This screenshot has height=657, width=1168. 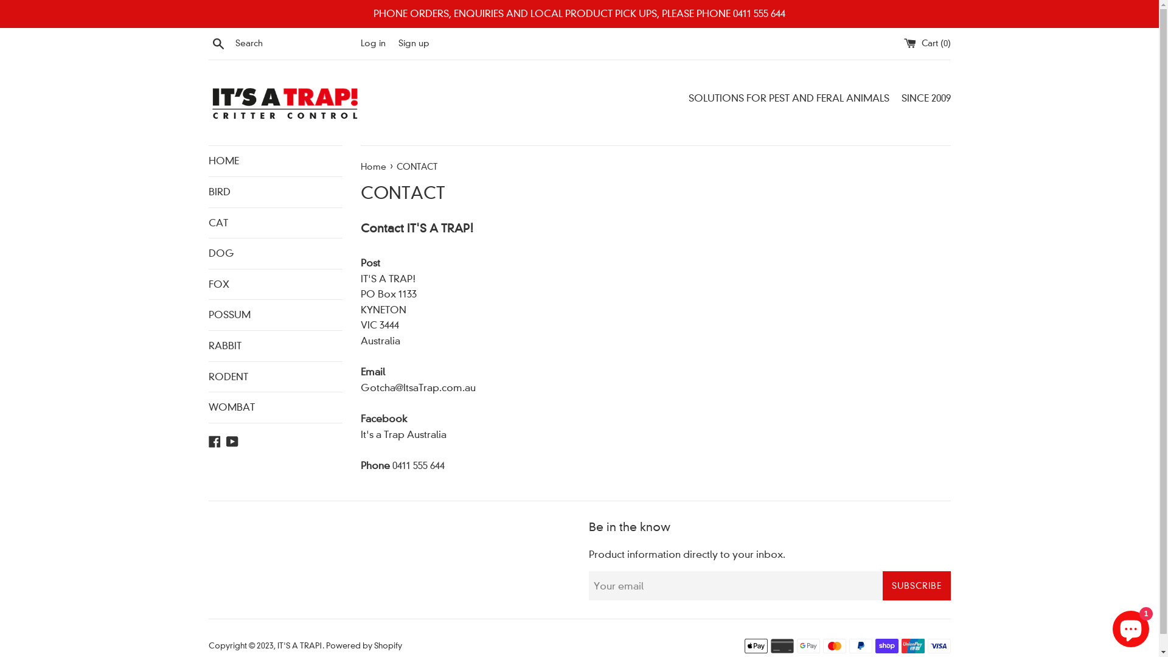 What do you see at coordinates (373, 166) in the screenshot?
I see `'Home'` at bounding box center [373, 166].